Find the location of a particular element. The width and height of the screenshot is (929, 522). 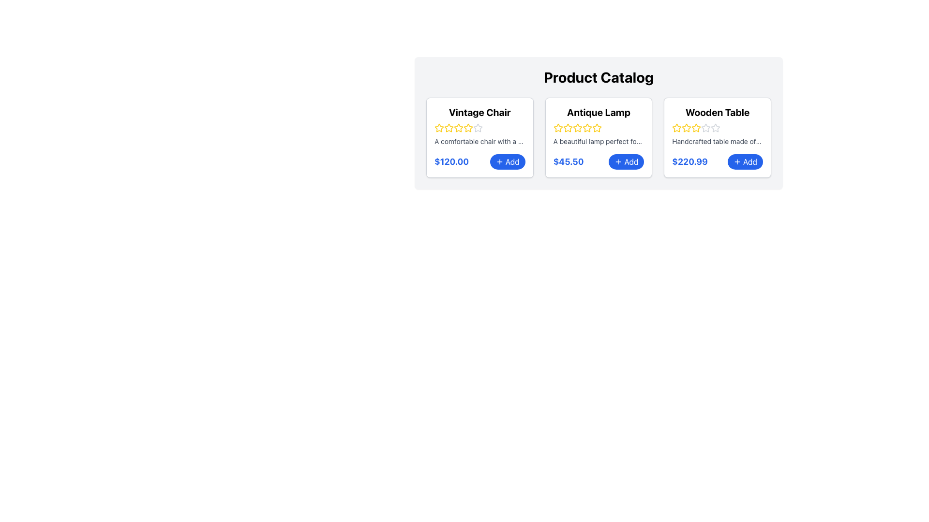

the text display showing '$45.50', which is styled in bold, large blue font and positioned between the 'Antique Lamp' title and the 'Add' button in the second product card is located at coordinates (569, 161).